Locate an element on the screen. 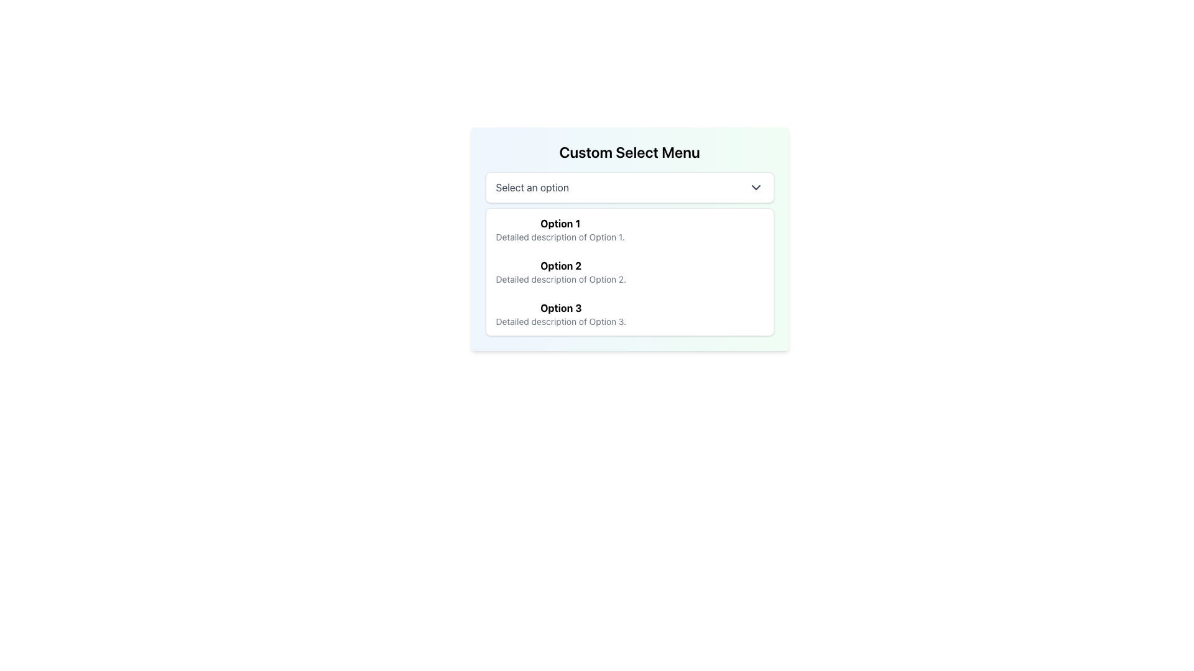 Image resolution: width=1194 pixels, height=671 pixels. the Menu Option labeled 'Option 3' in the dropdown menu under 'Custom Select Menu' is located at coordinates (560, 313).